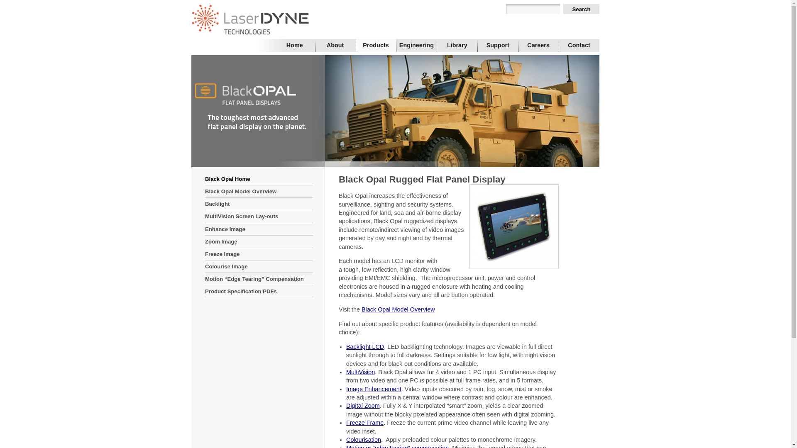 Image resolution: width=797 pixels, height=448 pixels. Describe the element at coordinates (376, 45) in the screenshot. I see `'Products'` at that location.